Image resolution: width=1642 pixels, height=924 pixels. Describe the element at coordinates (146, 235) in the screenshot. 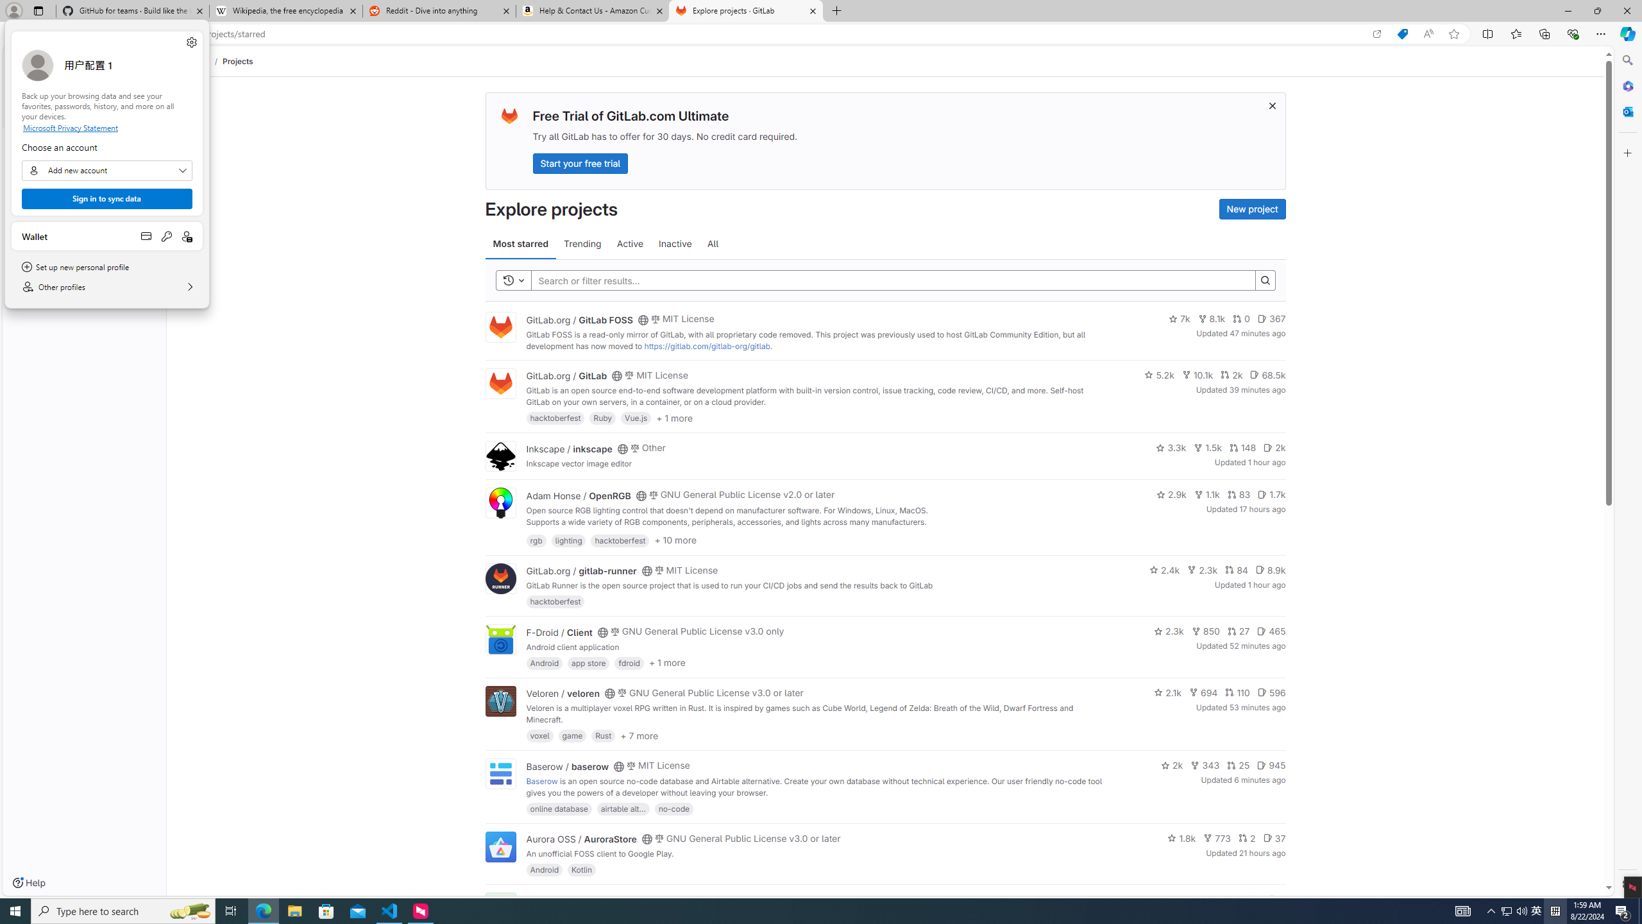

I see `'Open payment methods'` at that location.